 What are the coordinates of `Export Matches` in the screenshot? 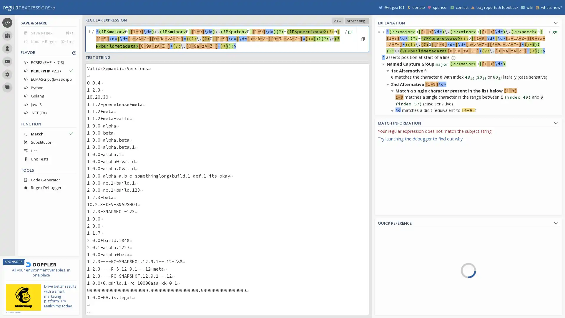 It's located at (554, 133).